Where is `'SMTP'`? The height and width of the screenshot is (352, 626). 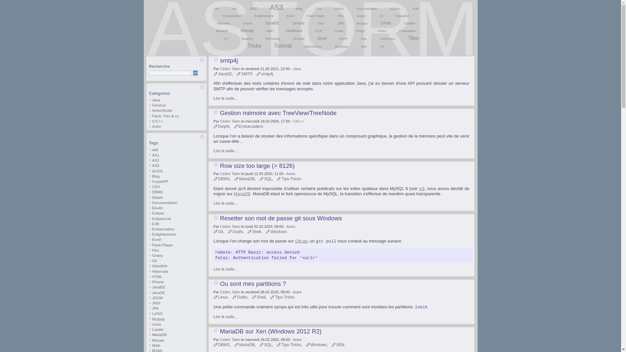
'SMTP' is located at coordinates (246, 74).